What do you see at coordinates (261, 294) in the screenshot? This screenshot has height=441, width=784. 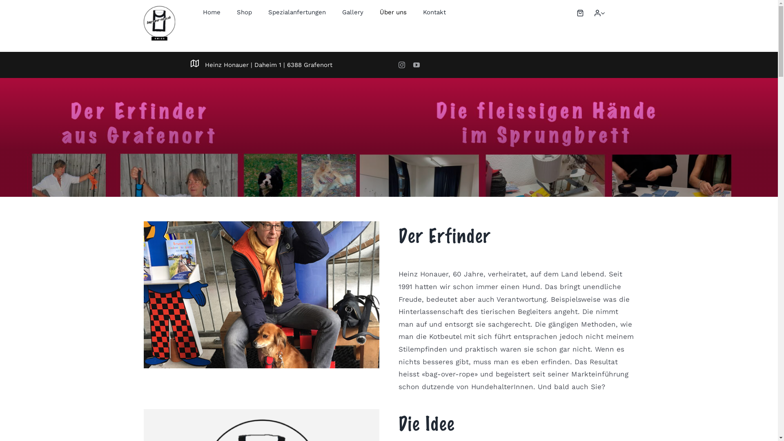 I see `'Globi-bei-Globi-Heinz'` at bounding box center [261, 294].